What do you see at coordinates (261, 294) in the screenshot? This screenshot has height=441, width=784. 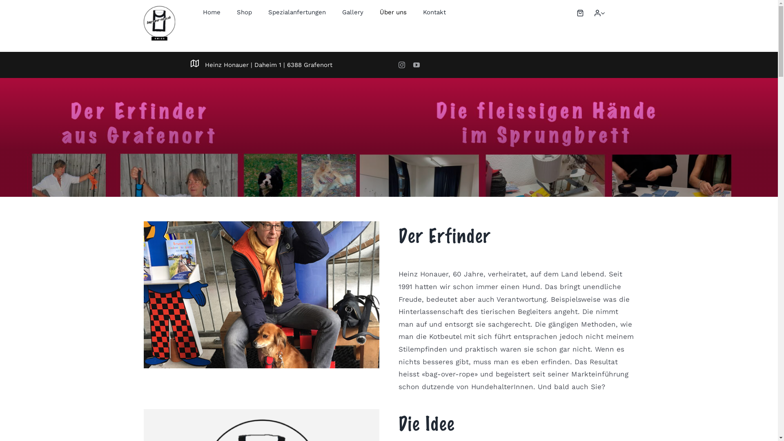 I see `'Globi-bei-Globi-Heinz'` at bounding box center [261, 294].